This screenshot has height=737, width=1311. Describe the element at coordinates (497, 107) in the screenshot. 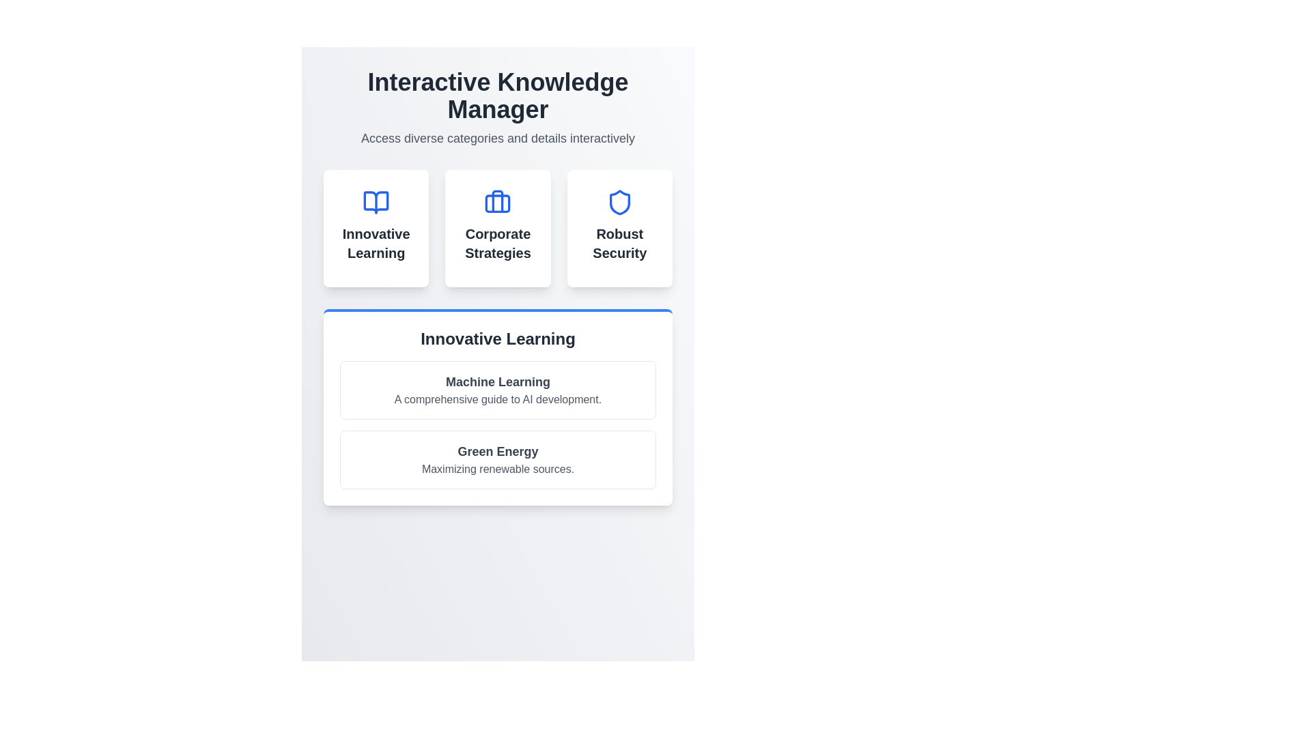

I see `the header text block that provides a concise summary of the application's purpose, located at the top of the interface above the cards labeled 'Innovative Learning', 'Corporate Strategies', and 'Robust Security'` at that location.